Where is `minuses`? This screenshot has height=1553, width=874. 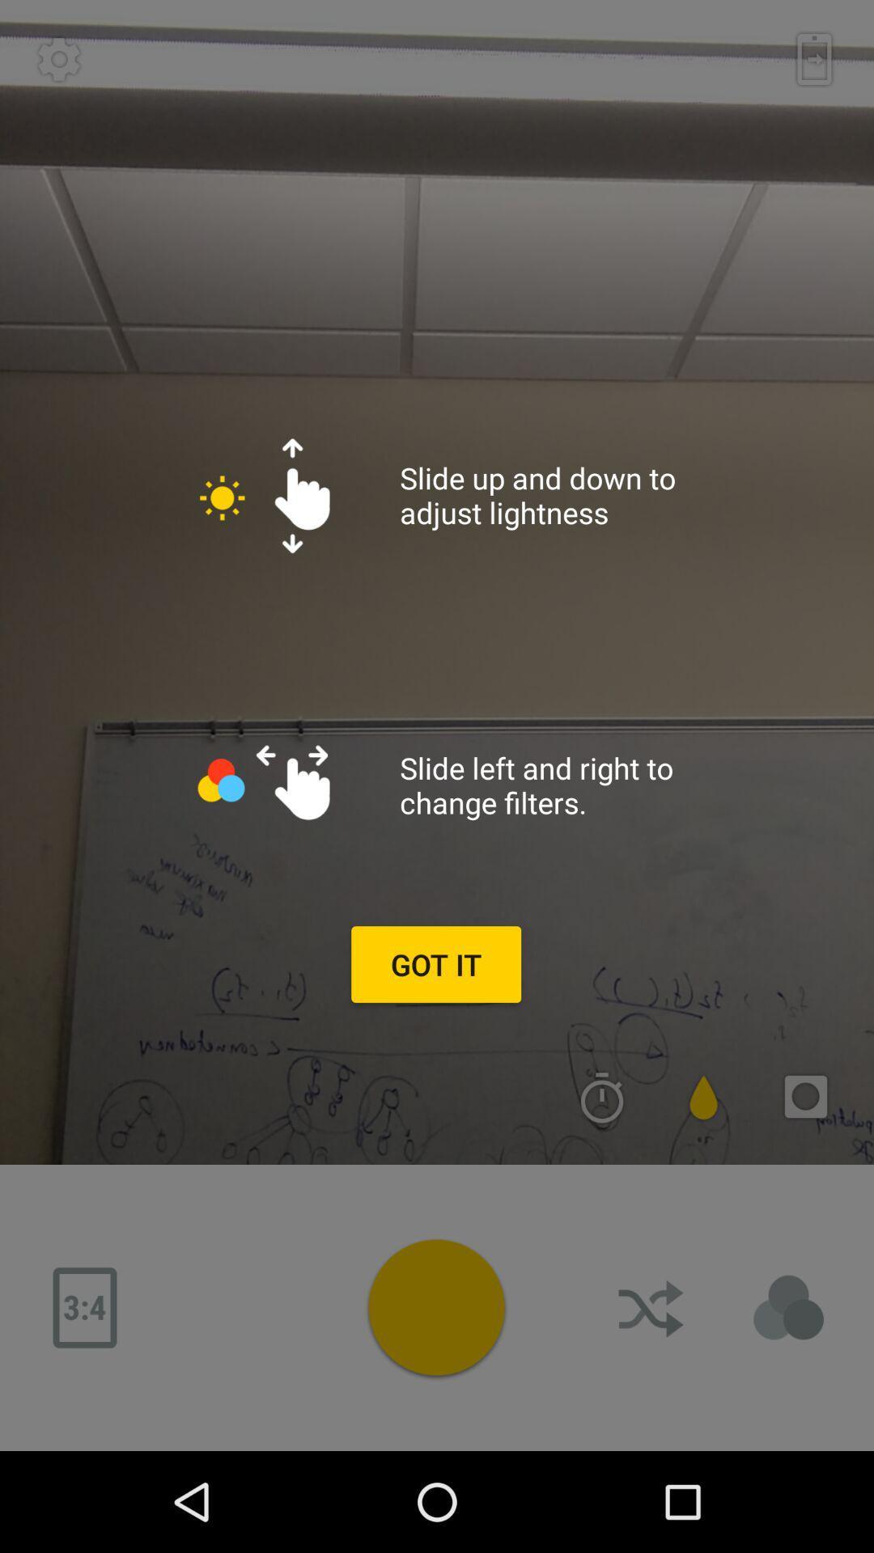 minuses is located at coordinates (84, 1308).